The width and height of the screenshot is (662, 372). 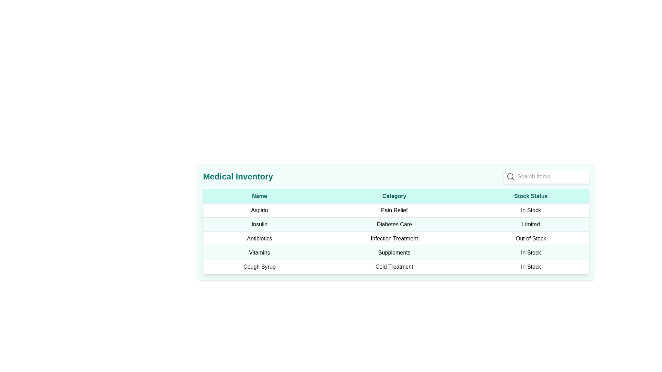 I want to click on the fifth row of the table that describes a medical item, located between the rows 'Antibiotics' and 'Cough Syrup', so click(x=396, y=252).